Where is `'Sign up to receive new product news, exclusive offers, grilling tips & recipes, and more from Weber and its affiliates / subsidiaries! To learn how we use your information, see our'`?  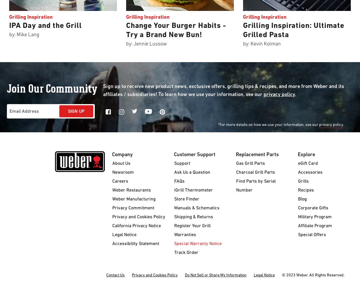
'Sign up to receive new product news, exclusive offers, grilling tips & recipes, and more from Weber and its affiliates / subsidiaries! To learn how we use your information, see our' is located at coordinates (223, 91).